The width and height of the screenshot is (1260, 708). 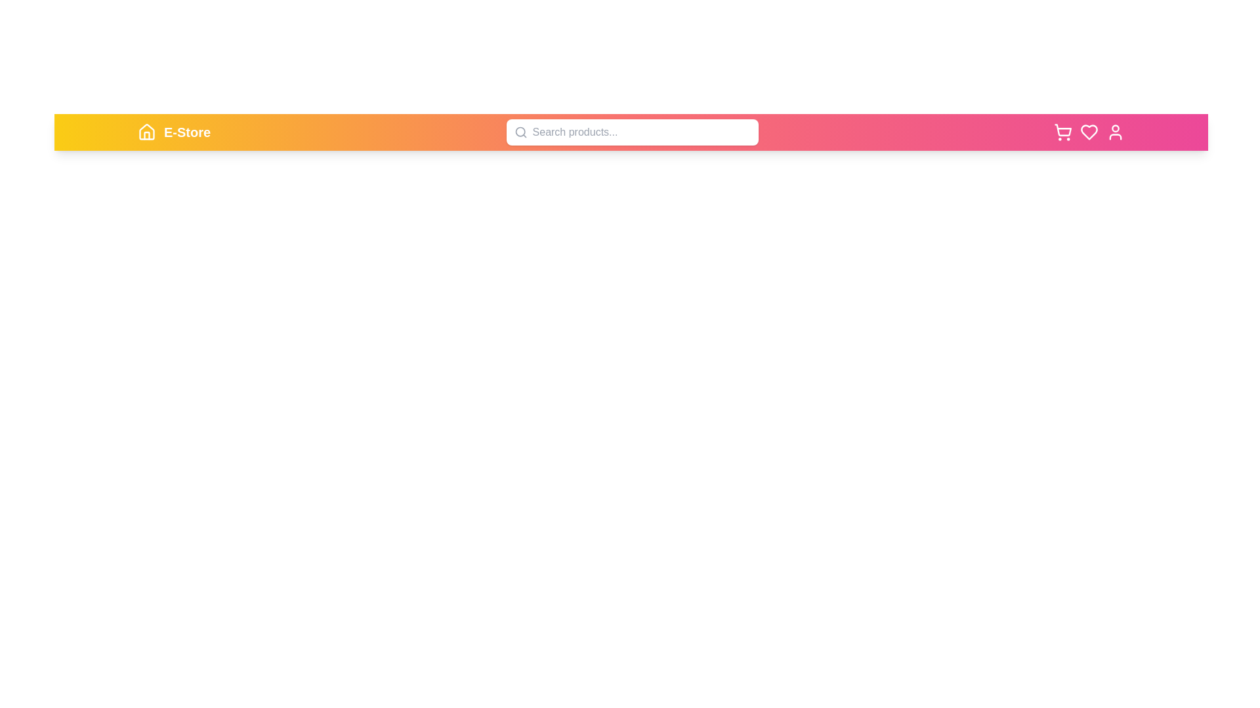 What do you see at coordinates (147, 132) in the screenshot?
I see `the home icon to navigate to the home page` at bounding box center [147, 132].